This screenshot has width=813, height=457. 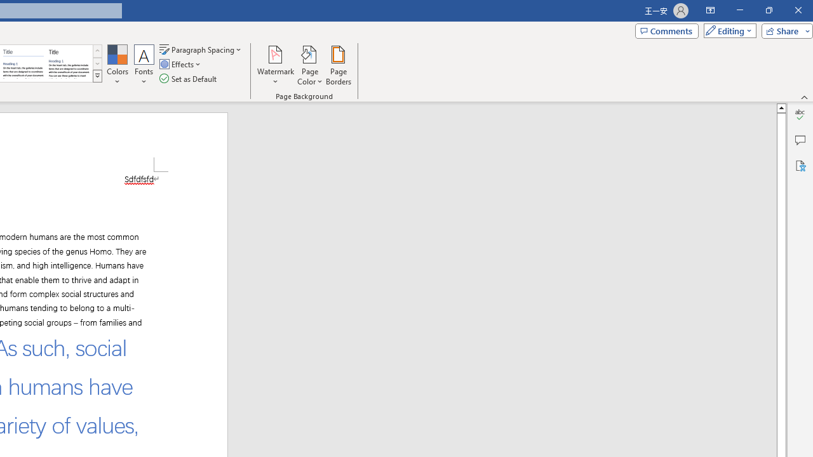 What do you see at coordinates (275, 65) in the screenshot?
I see `'Watermark'` at bounding box center [275, 65].